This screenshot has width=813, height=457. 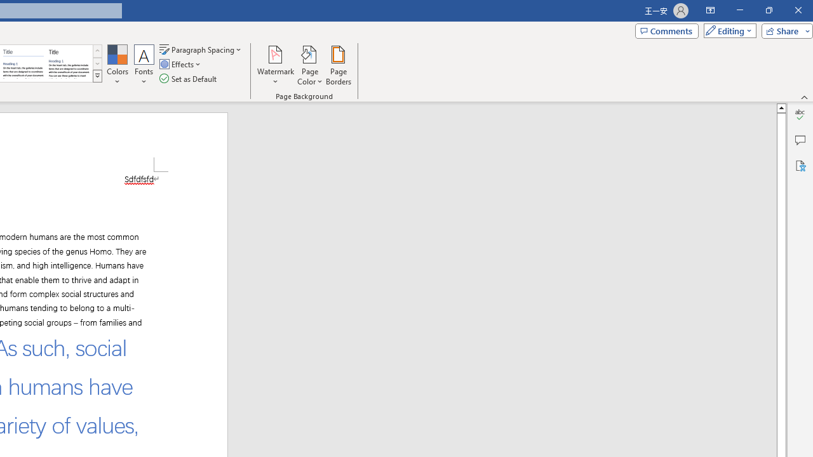 What do you see at coordinates (275, 65) in the screenshot?
I see `'Watermark'` at bounding box center [275, 65].